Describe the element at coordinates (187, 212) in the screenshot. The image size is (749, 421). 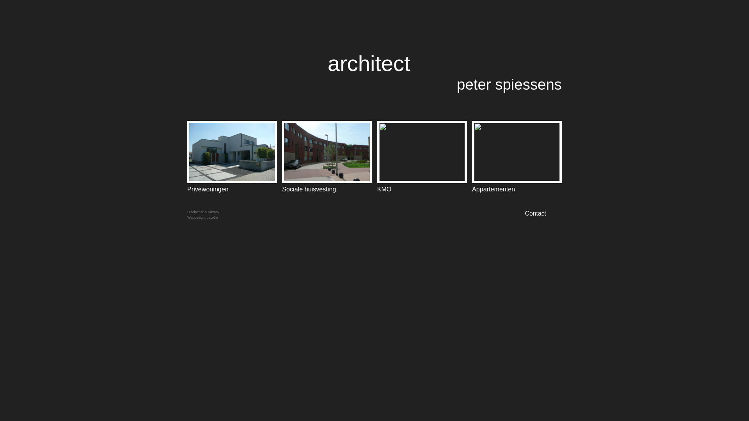
I see `'Disclaimer & Privacy'` at that location.